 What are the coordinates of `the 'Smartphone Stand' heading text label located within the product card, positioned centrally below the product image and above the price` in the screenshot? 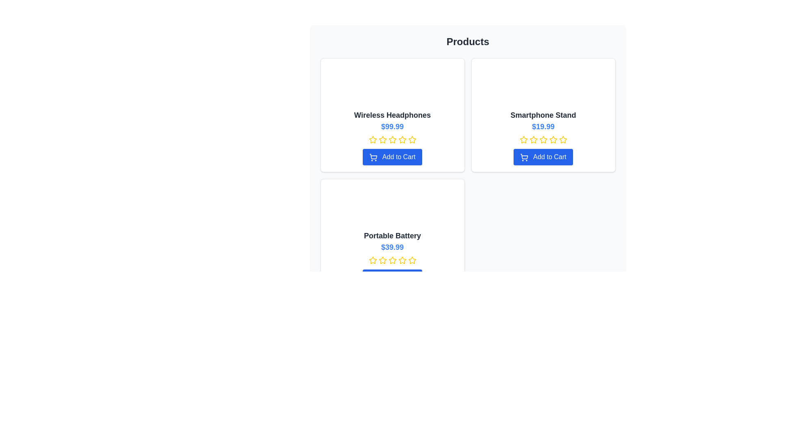 It's located at (543, 115).